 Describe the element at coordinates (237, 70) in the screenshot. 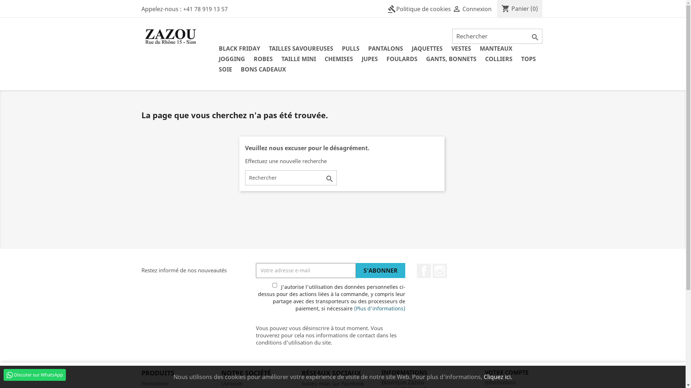

I see `'BONS CADEAUX'` at that location.